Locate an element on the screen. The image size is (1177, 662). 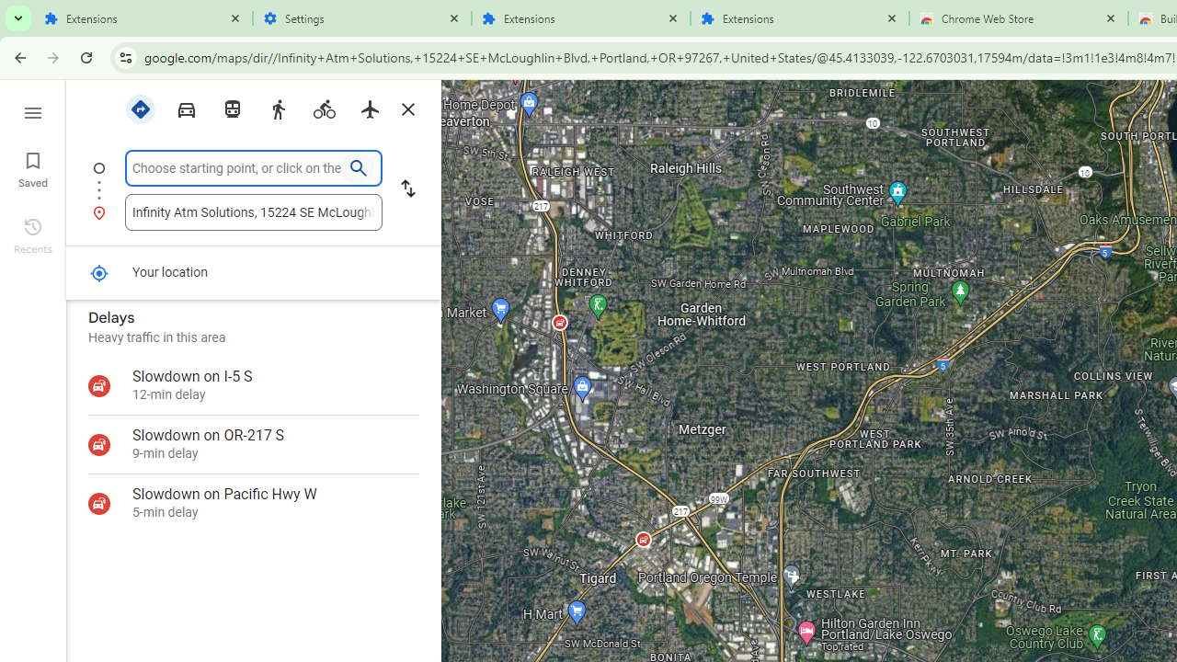
'Driving' is located at coordinates (186, 108).